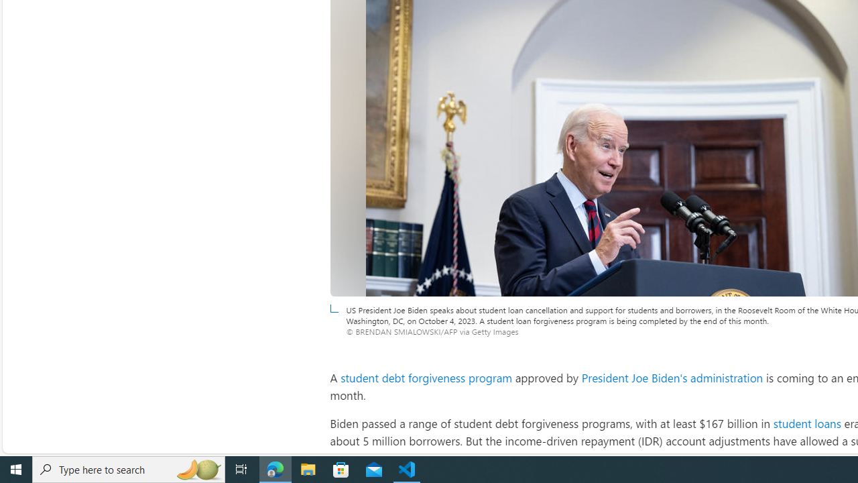 This screenshot has height=483, width=858. What do you see at coordinates (426, 378) in the screenshot?
I see `'student debt forgiveness program'` at bounding box center [426, 378].